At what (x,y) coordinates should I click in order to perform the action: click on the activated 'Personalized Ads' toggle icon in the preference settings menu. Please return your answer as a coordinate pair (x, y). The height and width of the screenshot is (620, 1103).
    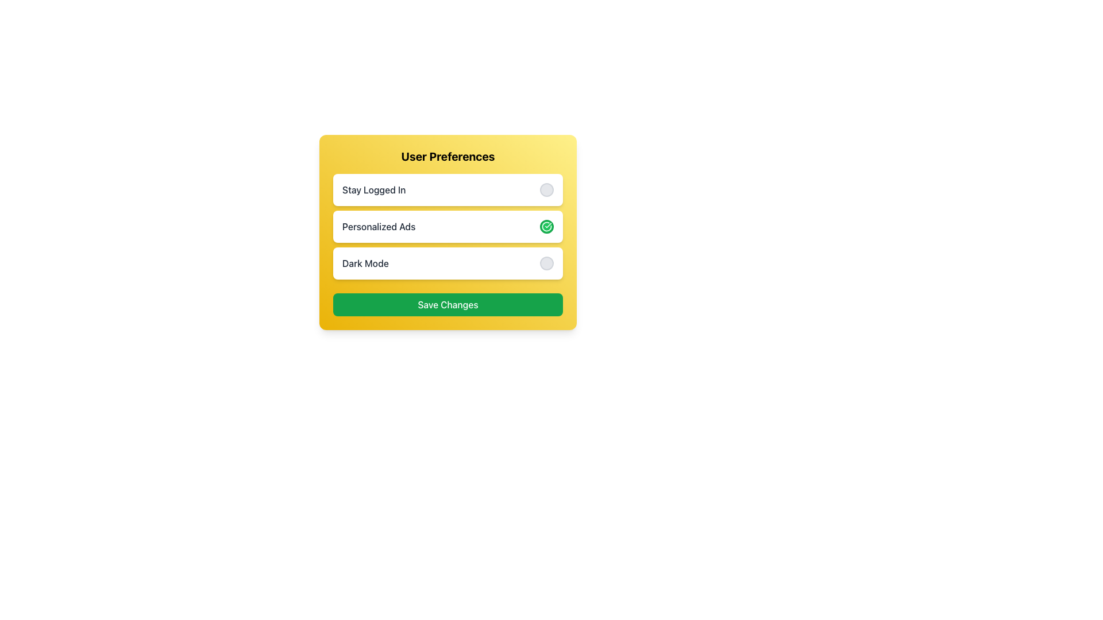
    Looking at the image, I should click on (546, 226).